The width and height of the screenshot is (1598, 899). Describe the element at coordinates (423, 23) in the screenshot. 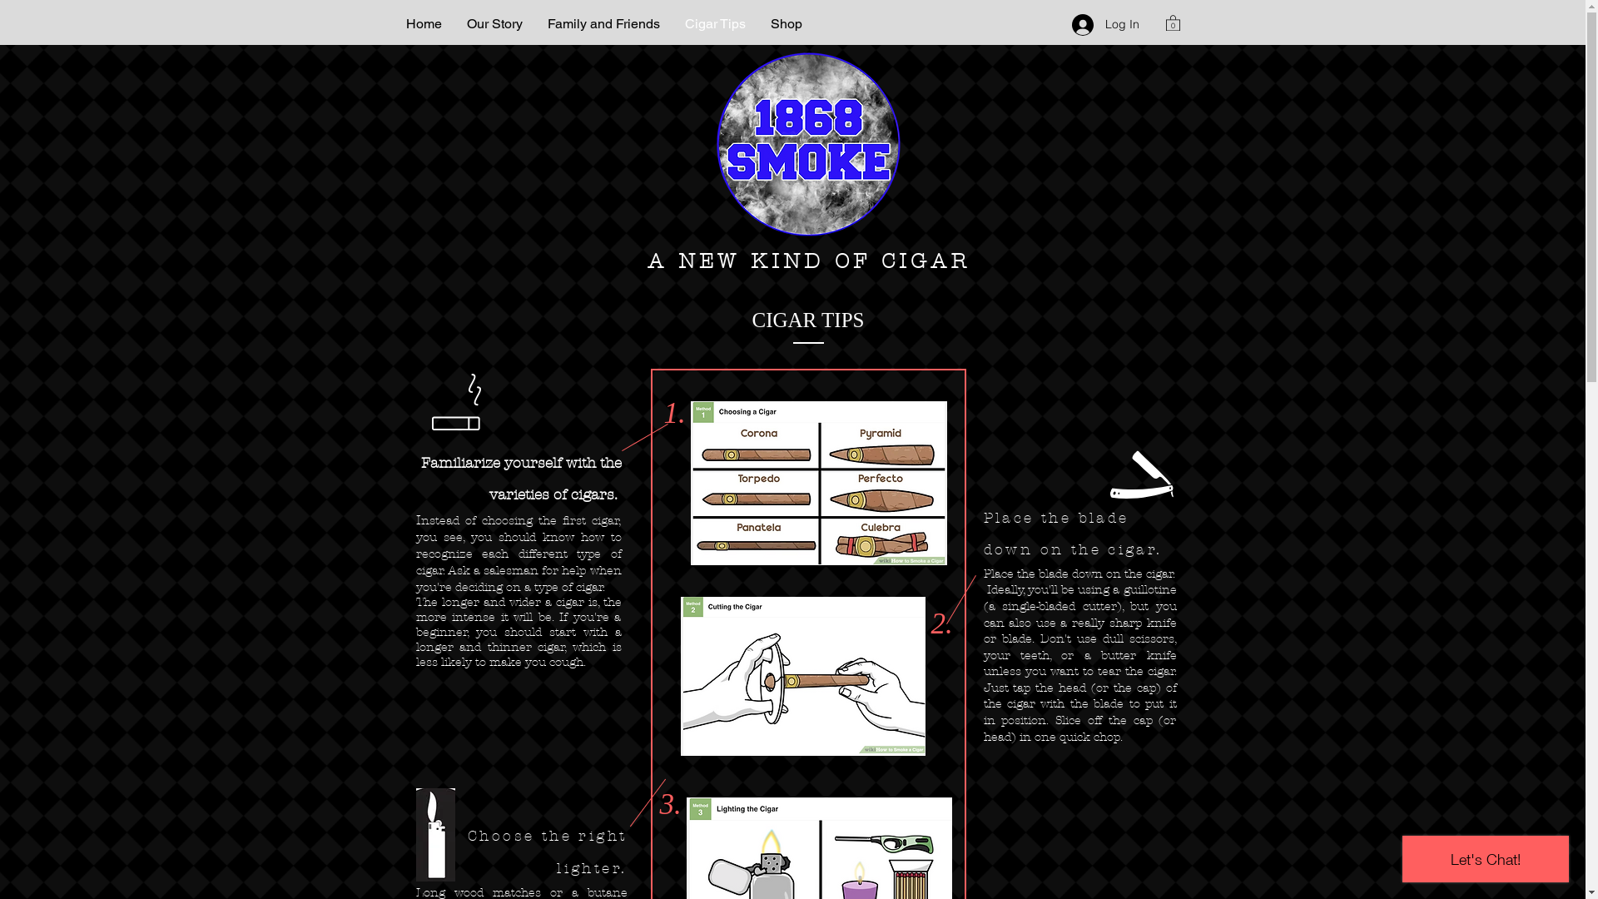

I see `'Home'` at that location.